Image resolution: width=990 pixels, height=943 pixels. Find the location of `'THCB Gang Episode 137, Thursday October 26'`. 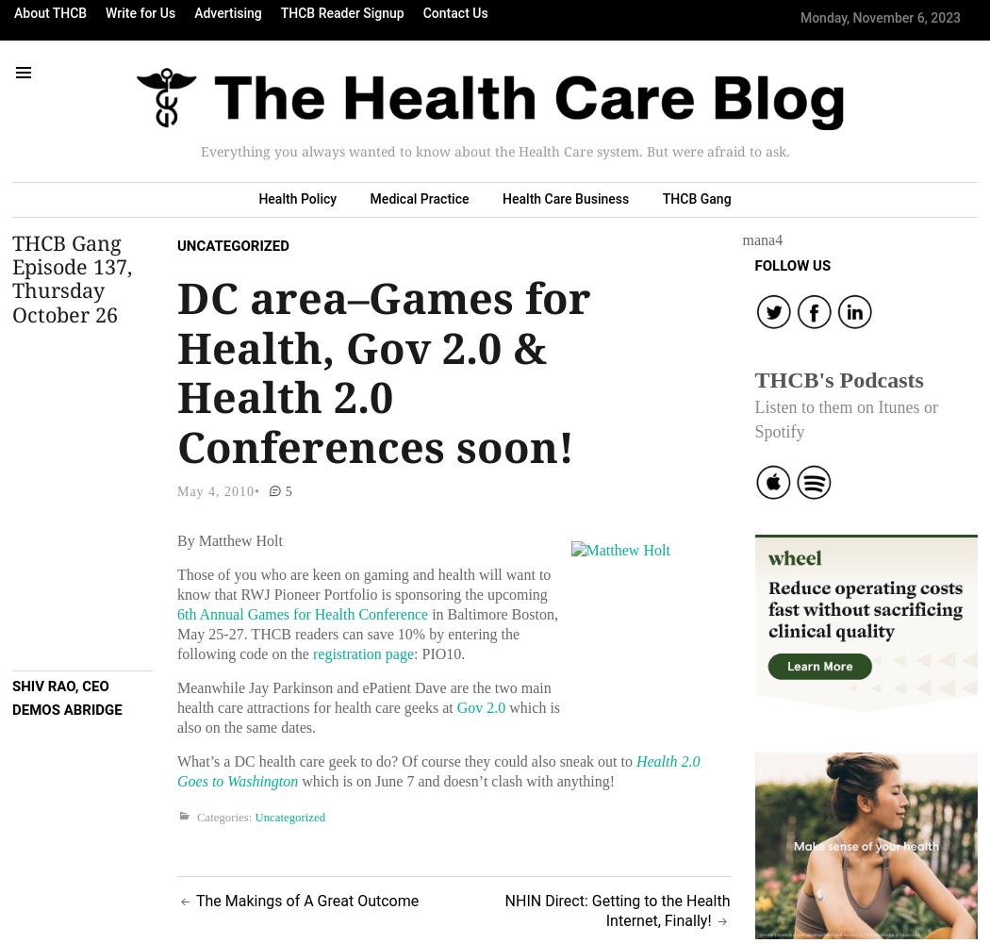

'THCB Gang Episode 137, Thursday October 26' is located at coordinates (72, 278).